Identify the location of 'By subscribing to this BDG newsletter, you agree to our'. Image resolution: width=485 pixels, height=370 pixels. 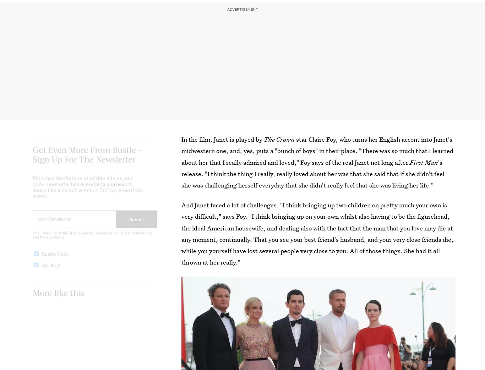
(32, 239).